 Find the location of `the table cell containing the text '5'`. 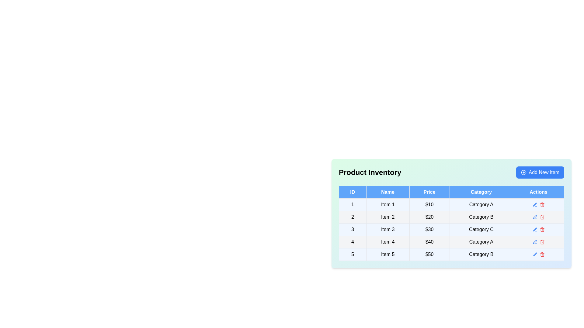

the table cell containing the text '5' is located at coordinates (353, 254).